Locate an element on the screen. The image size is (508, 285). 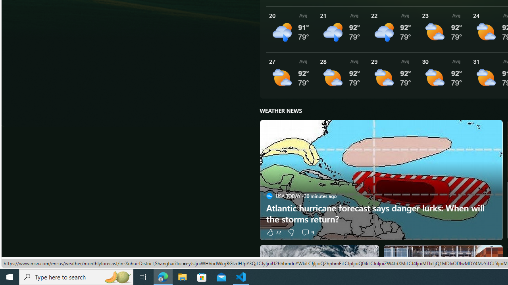
'View comments 9 Comment' is located at coordinates (307, 232).